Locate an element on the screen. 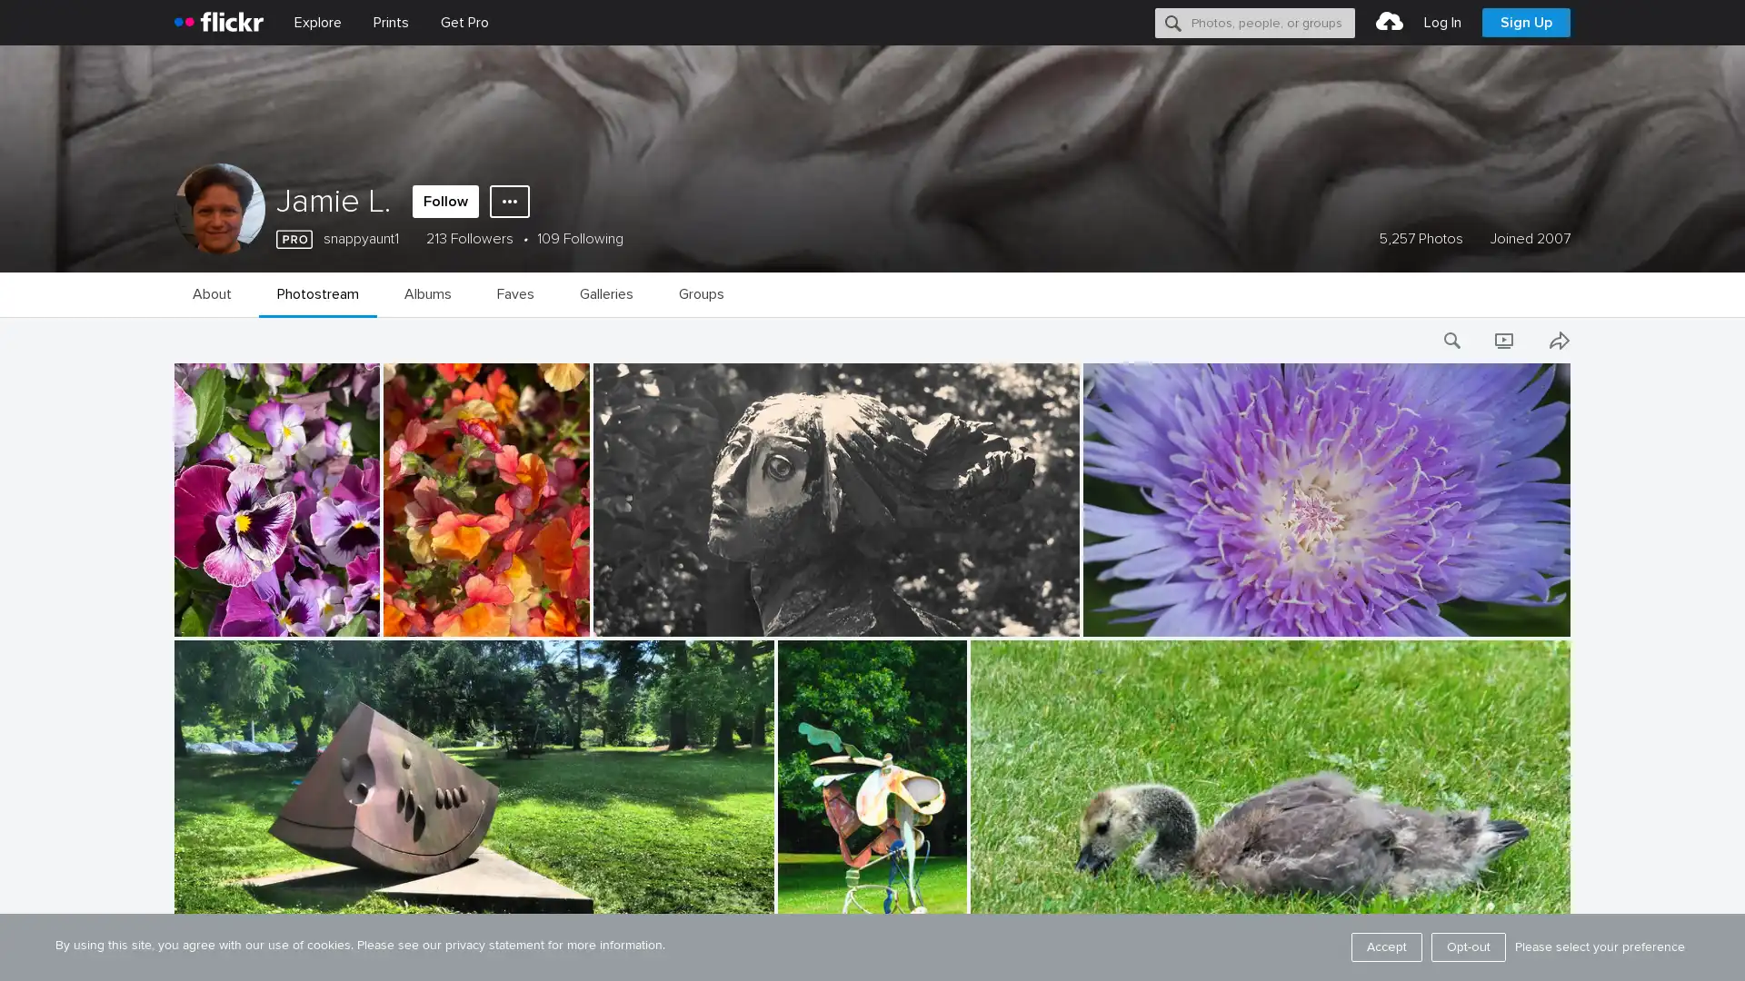 The image size is (1745, 981). Add to Favorites is located at coordinates (1526, 961).